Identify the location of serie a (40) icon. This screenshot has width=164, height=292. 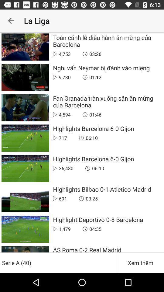
(58, 262).